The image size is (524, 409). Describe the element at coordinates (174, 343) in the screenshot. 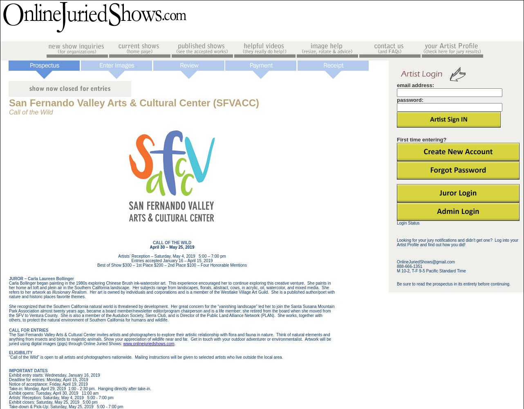

I see `'.'` at that location.